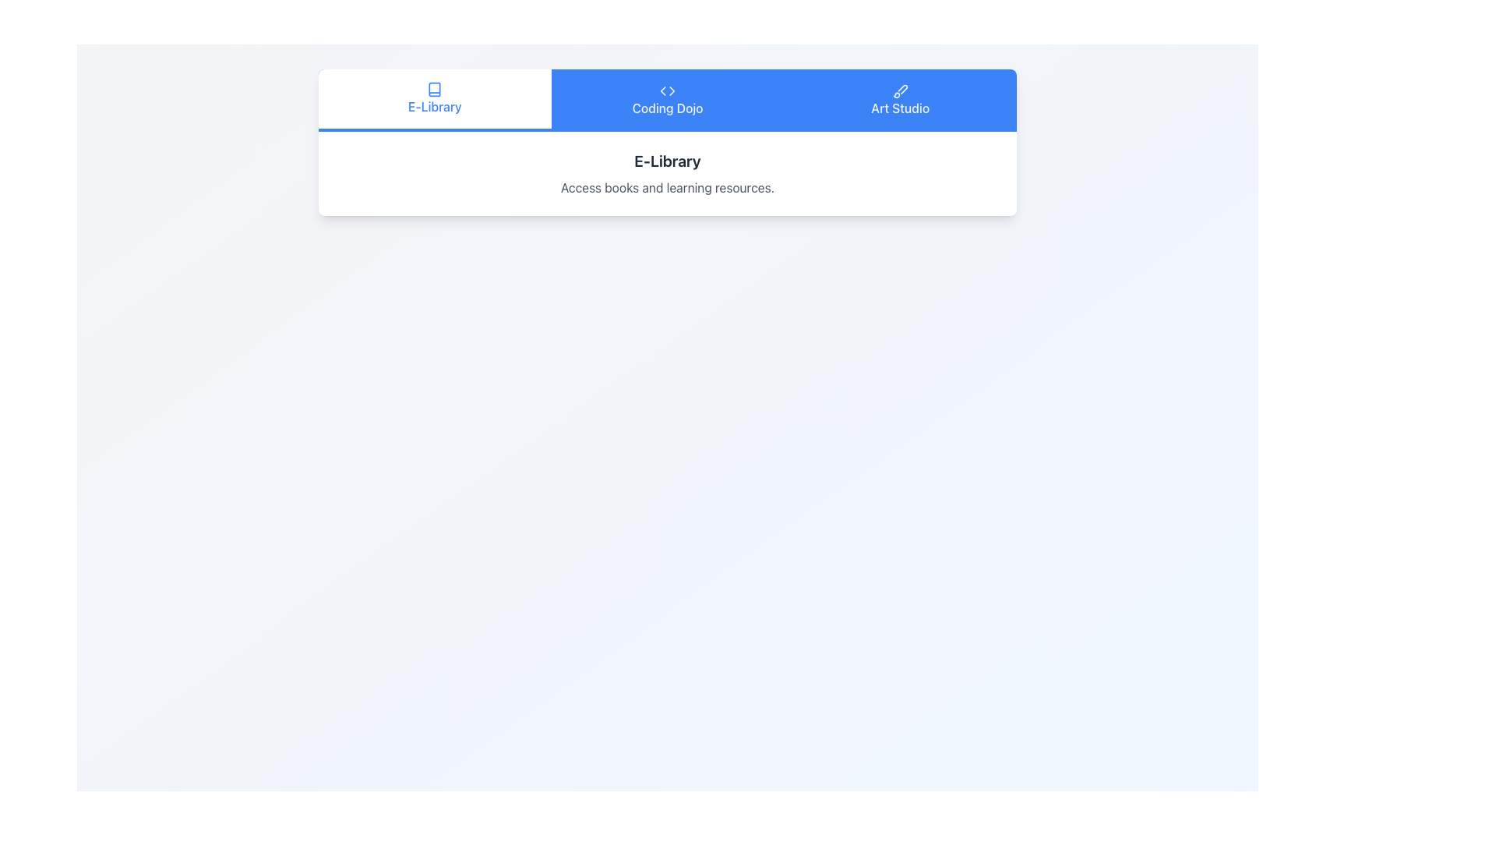  Describe the element at coordinates (900, 107) in the screenshot. I see `the 'Art Studio' navigation option in the horizontal menu` at that location.